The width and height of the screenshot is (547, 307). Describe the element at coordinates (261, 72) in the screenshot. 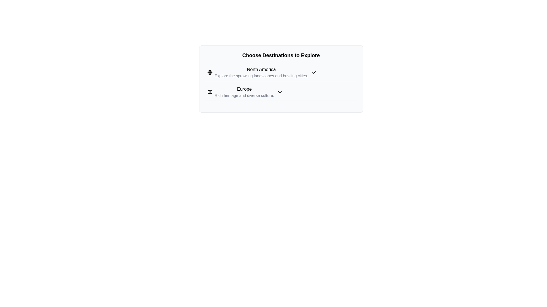

I see `the Text block displaying 'North America' which includes the subtext 'Explore the sprawling landscapes and bustling cities.' This Text block is the first item in a vertical list under the heading 'Choose Destinations` at that location.